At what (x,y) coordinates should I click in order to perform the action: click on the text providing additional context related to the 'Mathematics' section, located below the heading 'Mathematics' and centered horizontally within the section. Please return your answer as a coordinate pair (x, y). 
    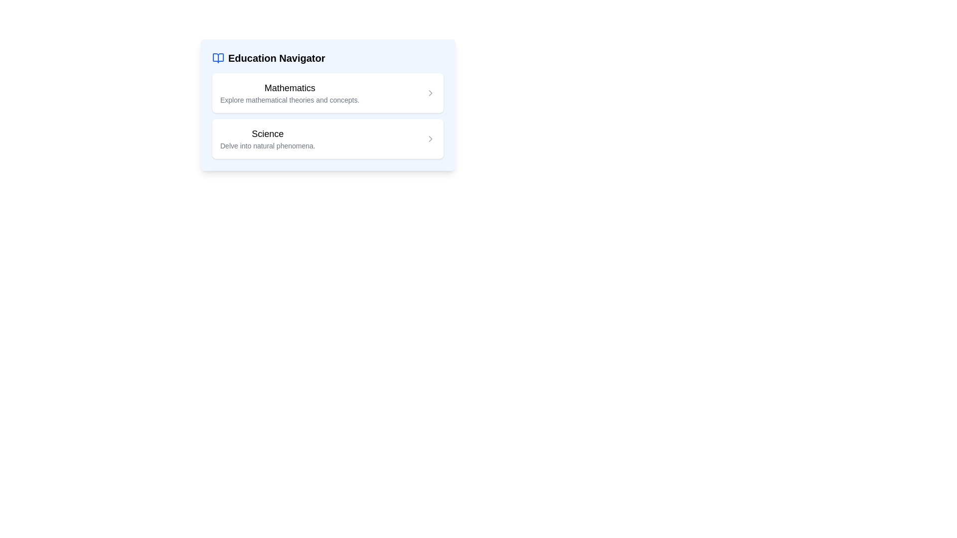
    Looking at the image, I should click on (289, 100).